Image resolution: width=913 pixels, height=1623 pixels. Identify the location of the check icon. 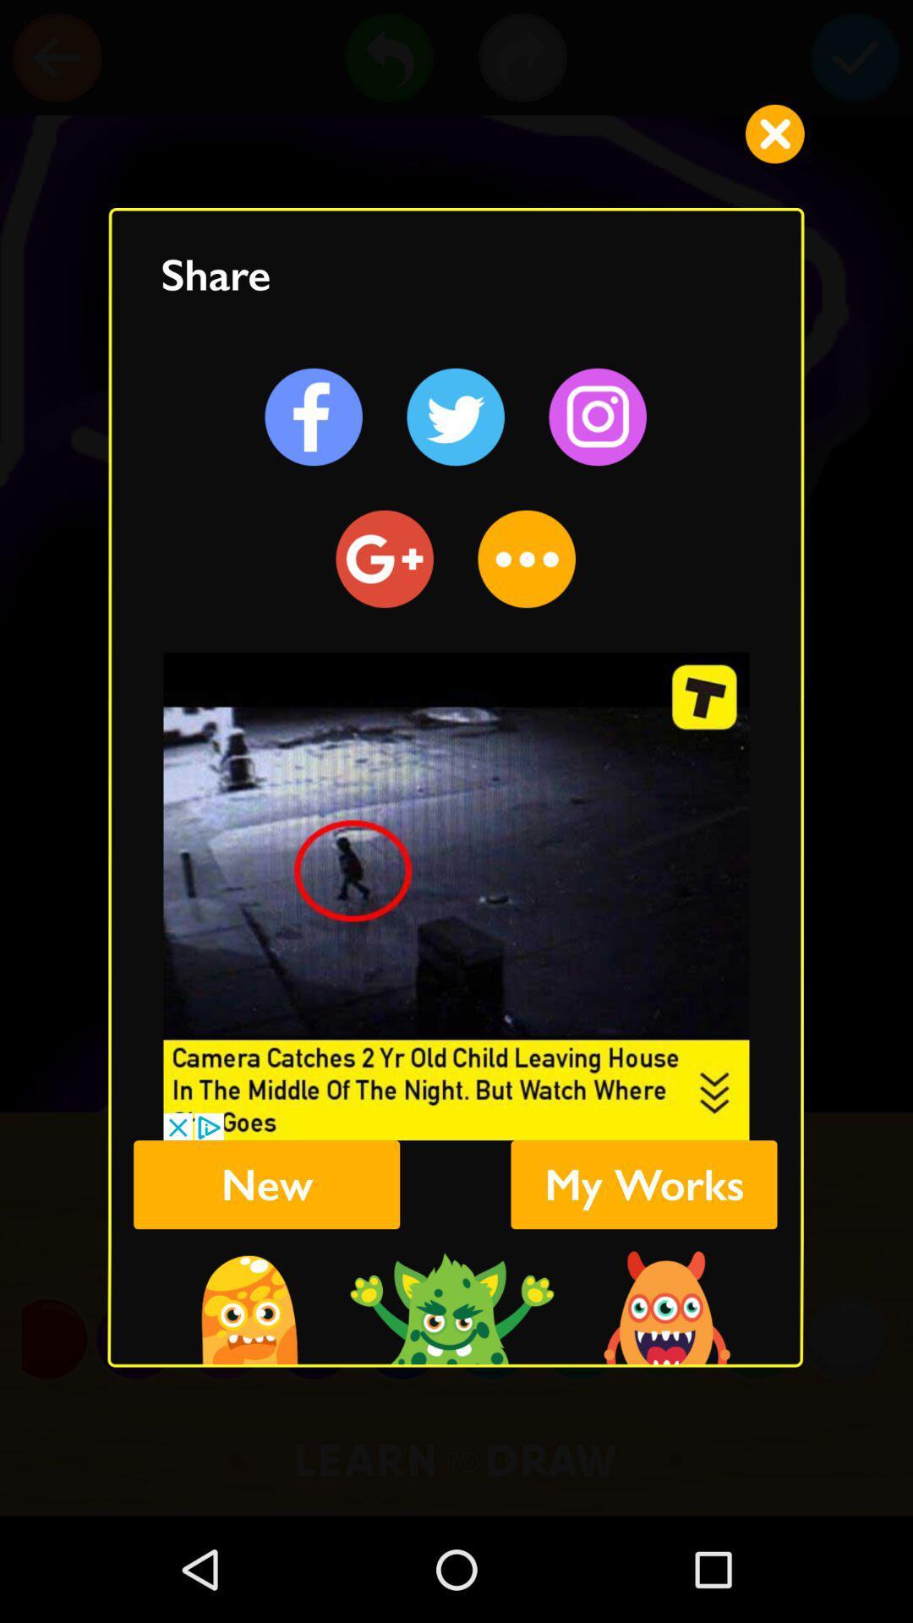
(855, 57).